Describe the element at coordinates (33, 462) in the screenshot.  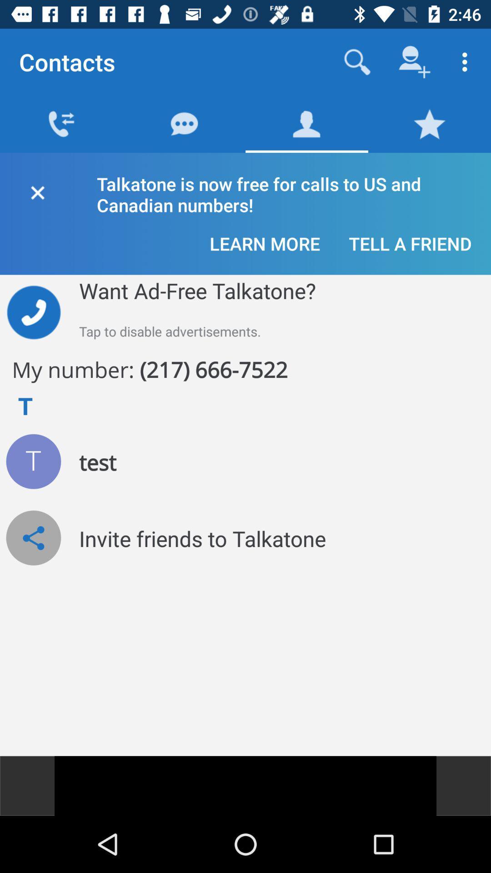
I see `t icon` at that location.